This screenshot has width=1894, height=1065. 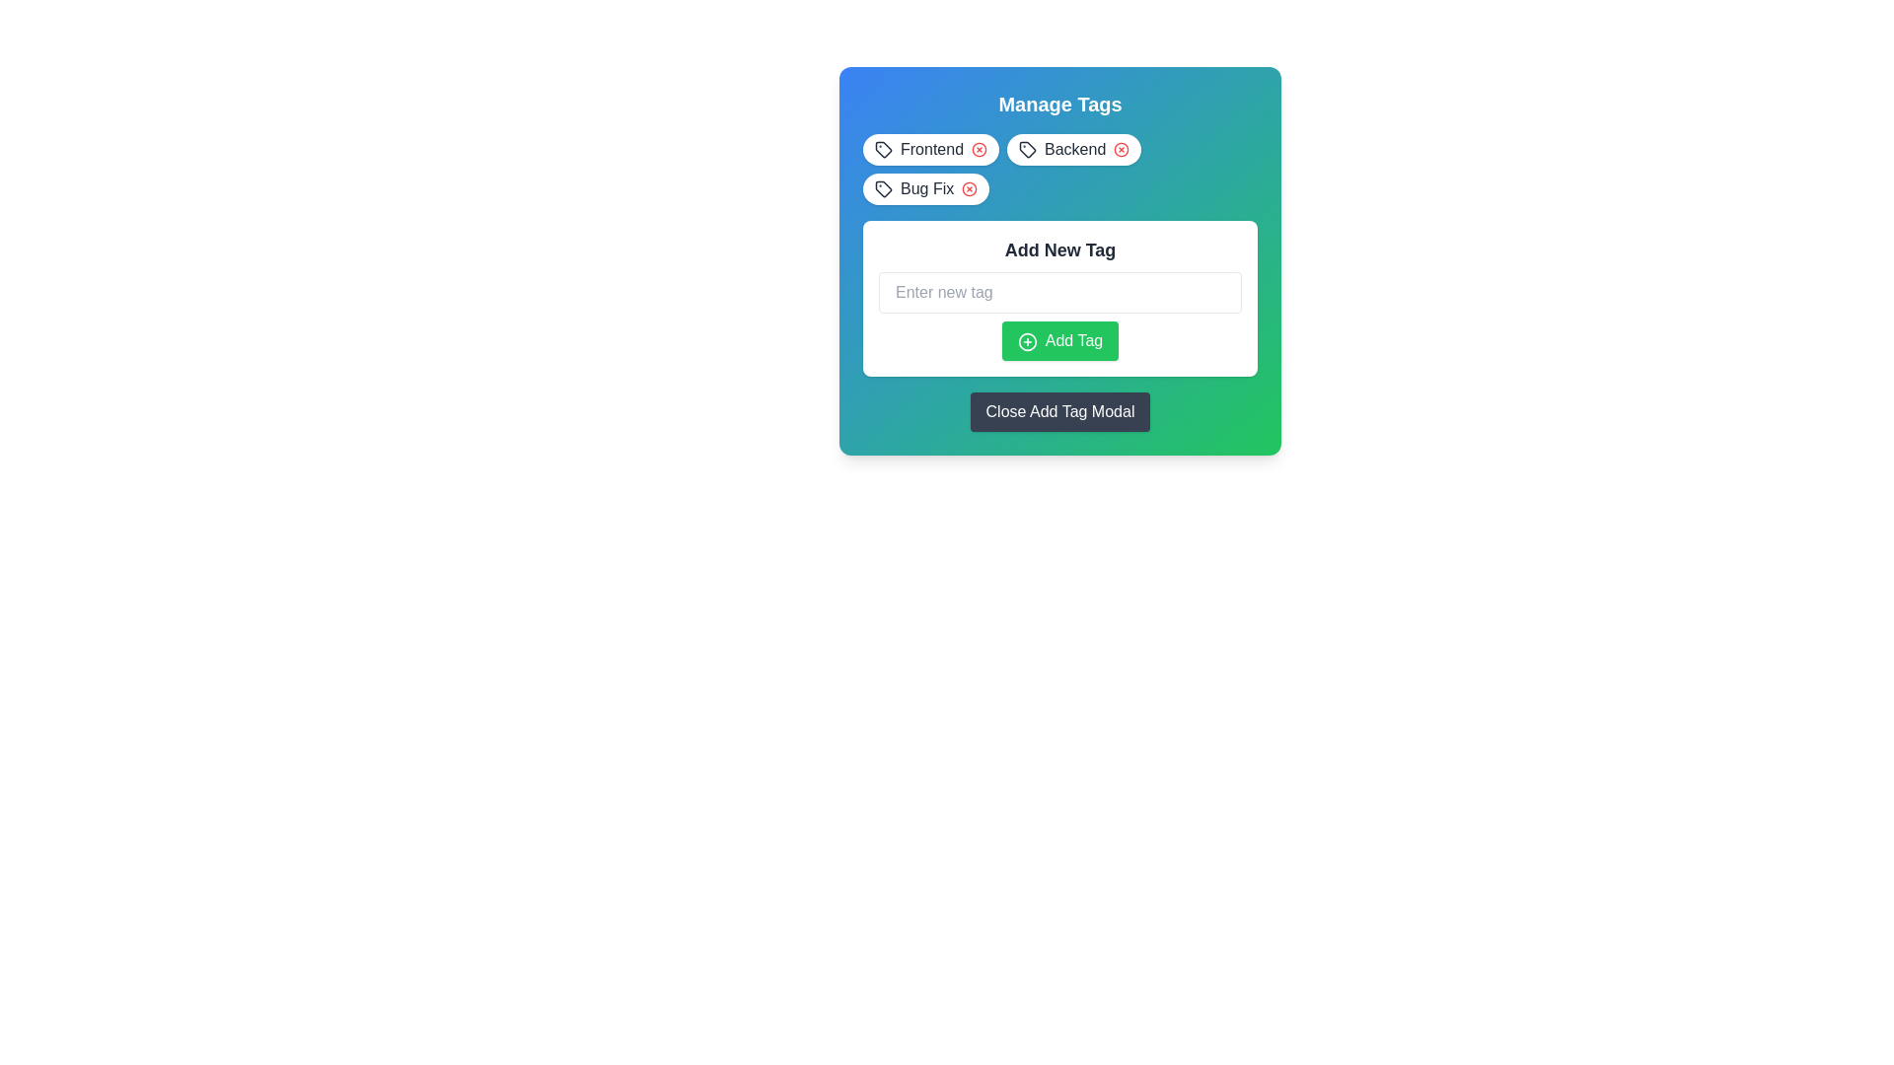 What do you see at coordinates (925, 189) in the screenshot?
I see `the 'Bug Fix' tag in the 'Manage Tags' modal` at bounding box center [925, 189].